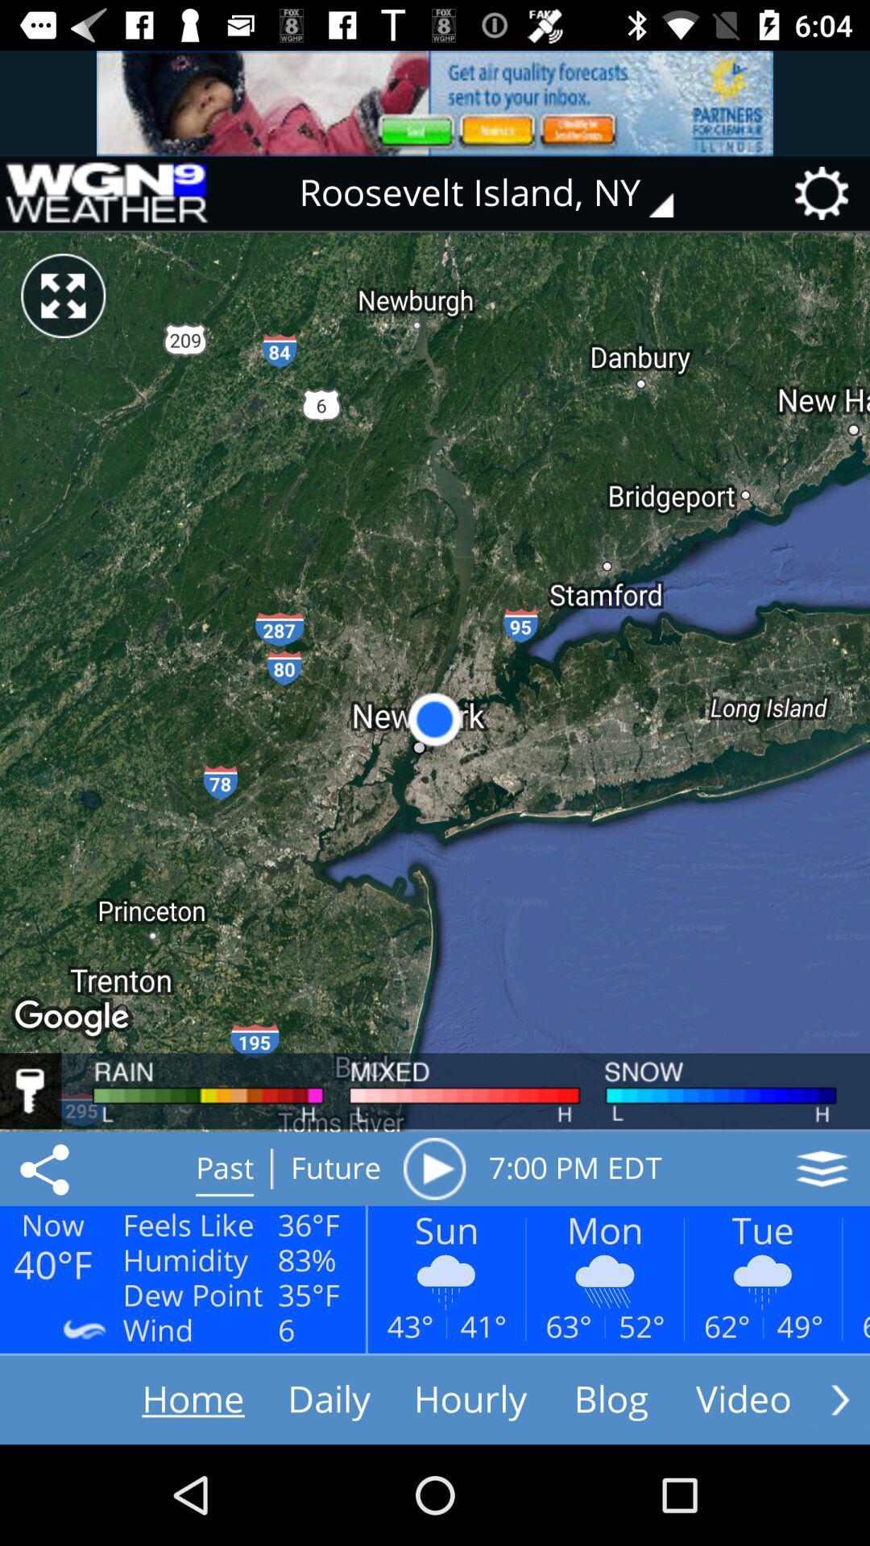 Image resolution: width=870 pixels, height=1546 pixels. I want to click on the share icon, so click(47, 1168).